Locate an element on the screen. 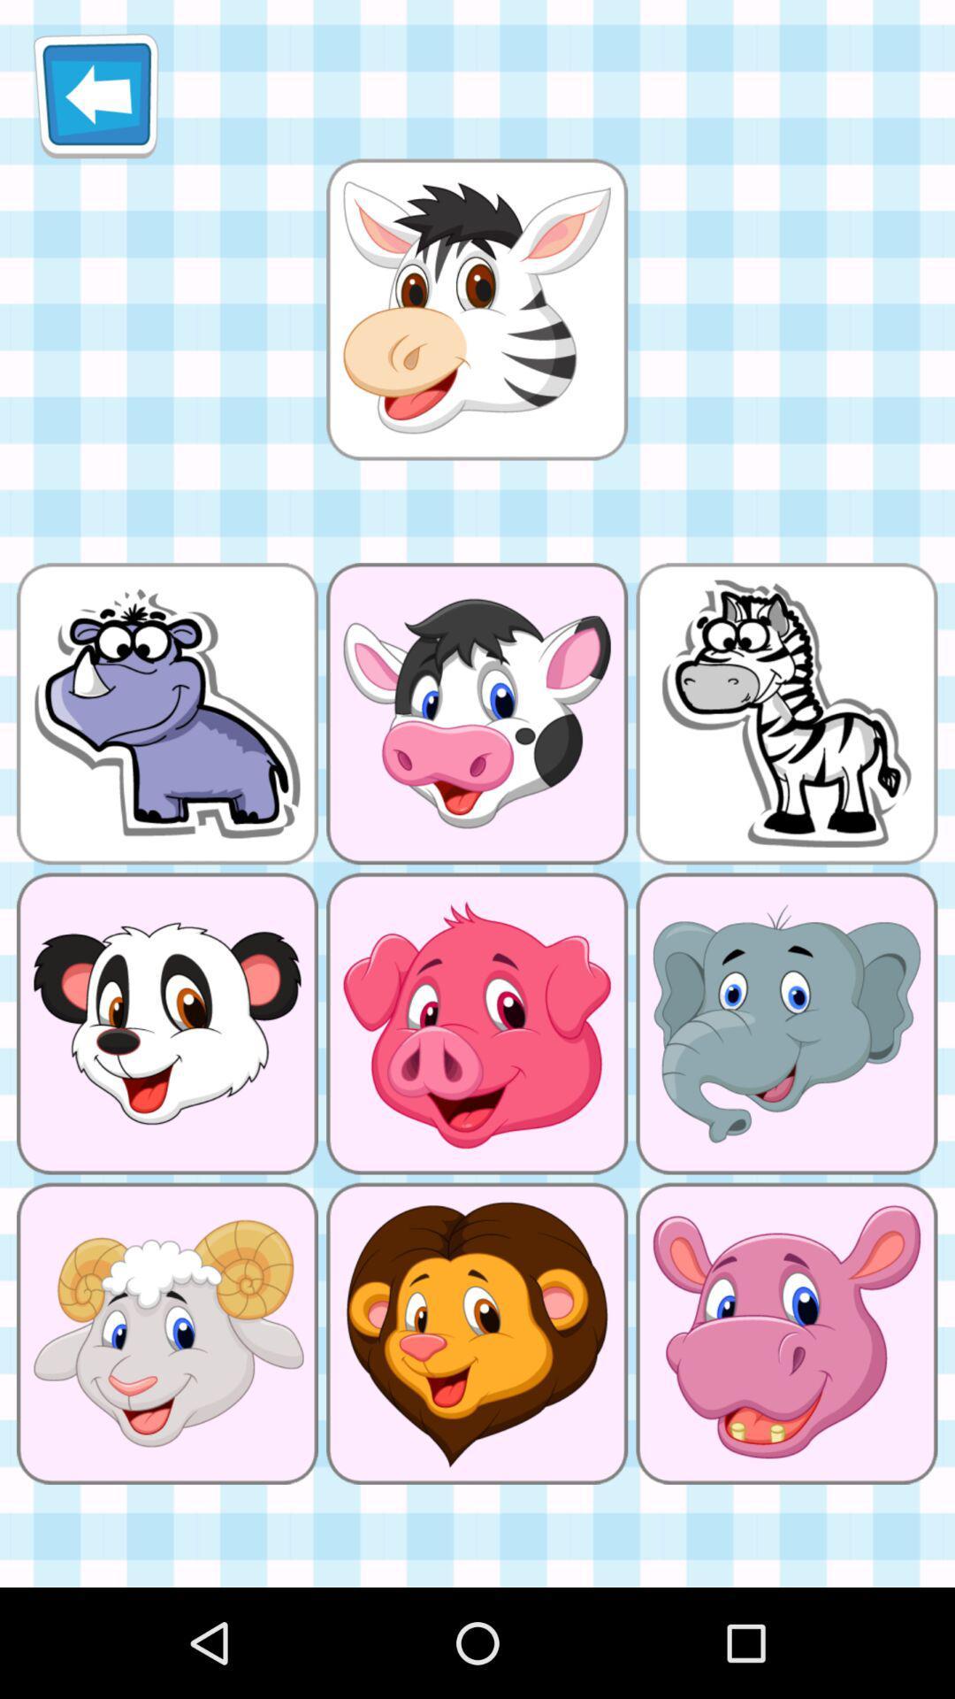 This screenshot has width=955, height=1699. go back is located at coordinates (95, 95).